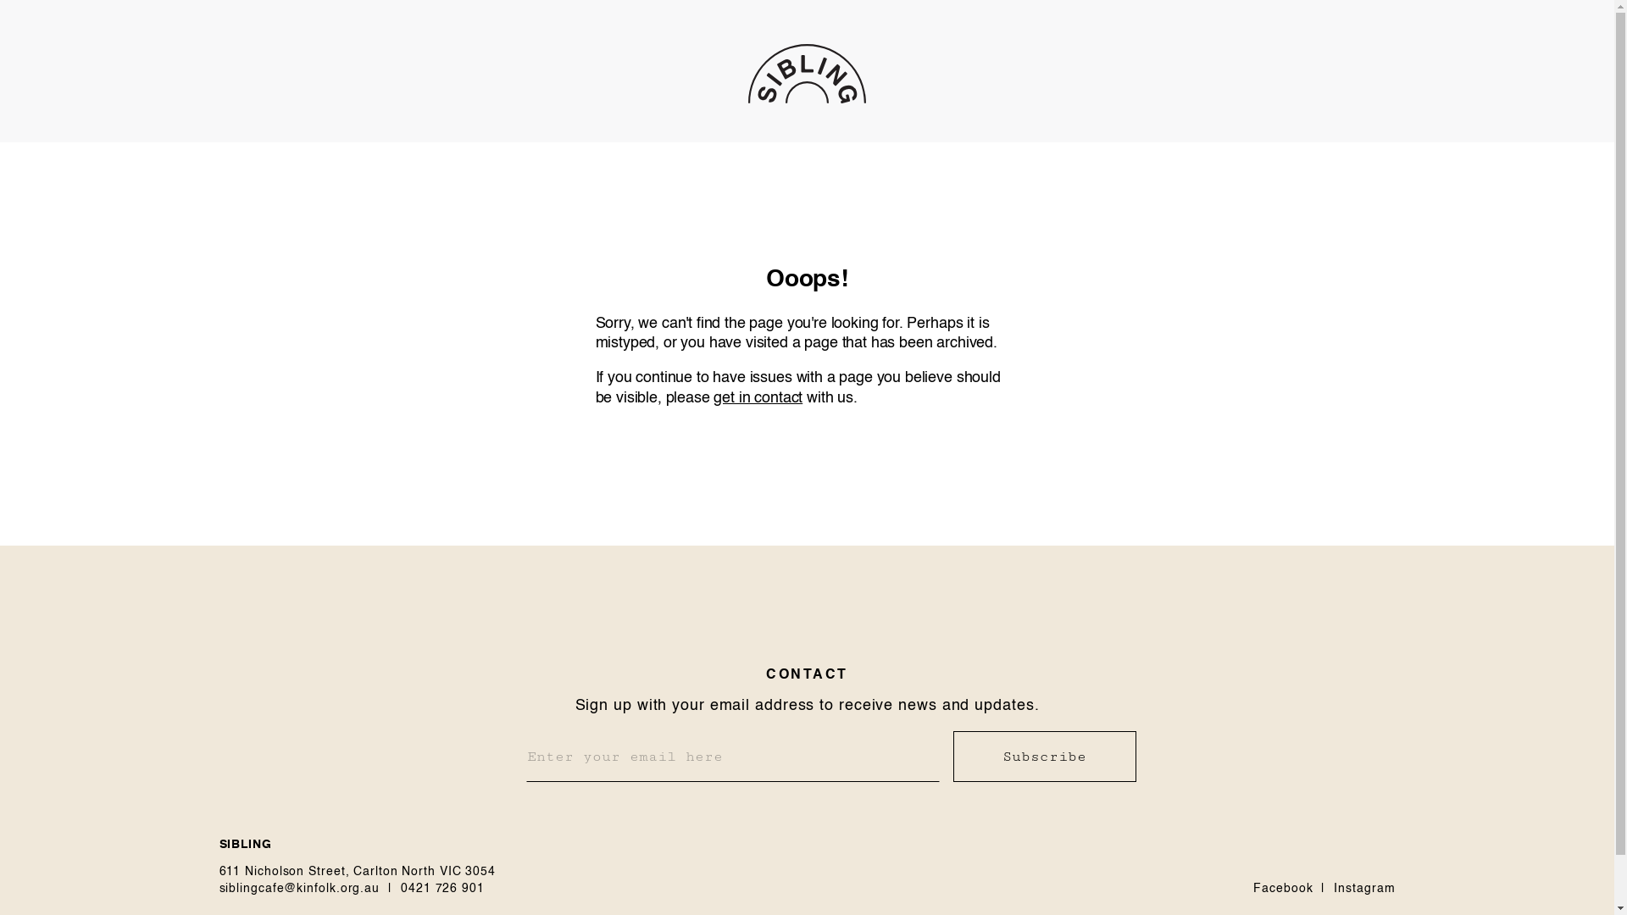  Describe the element at coordinates (1043, 756) in the screenshot. I see `'Subscribe'` at that location.